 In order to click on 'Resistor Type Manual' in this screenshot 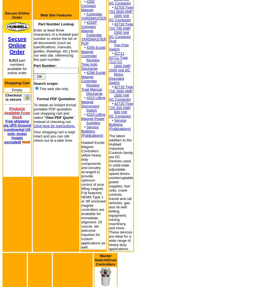, I will do `click(91, 87)`.